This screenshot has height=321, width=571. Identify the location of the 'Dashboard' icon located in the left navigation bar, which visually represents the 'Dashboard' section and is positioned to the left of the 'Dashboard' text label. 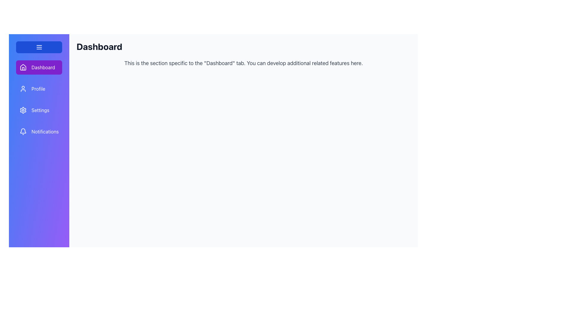
(23, 67).